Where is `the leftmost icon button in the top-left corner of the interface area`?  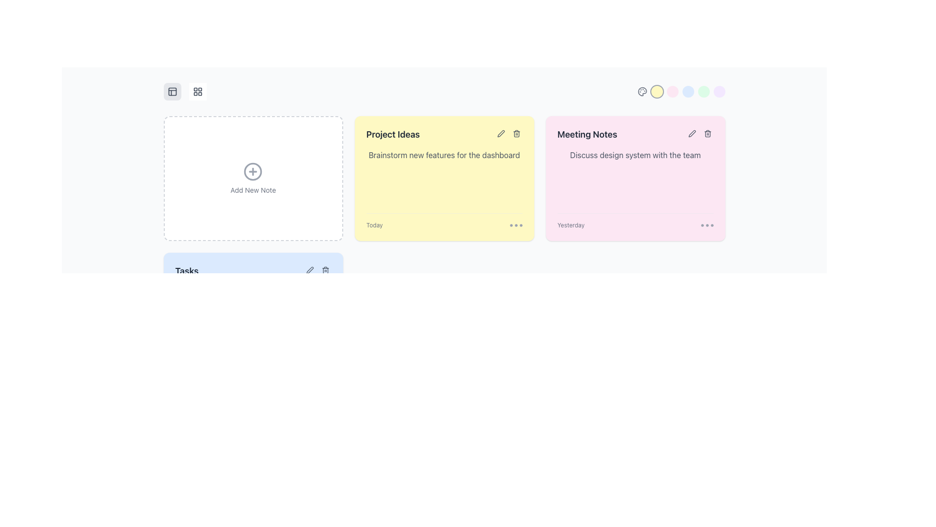
the leftmost icon button in the top-left corner of the interface area is located at coordinates (172, 92).